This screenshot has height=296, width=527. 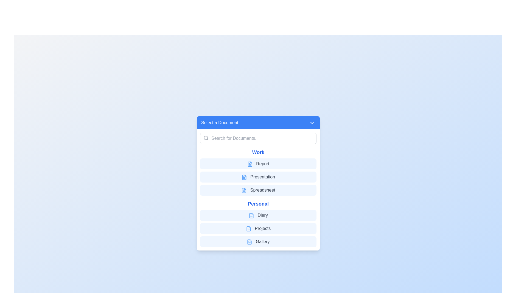 I want to click on the downward-pointing chevron icon on the far right of the 'Select a Document' header, so click(x=312, y=122).